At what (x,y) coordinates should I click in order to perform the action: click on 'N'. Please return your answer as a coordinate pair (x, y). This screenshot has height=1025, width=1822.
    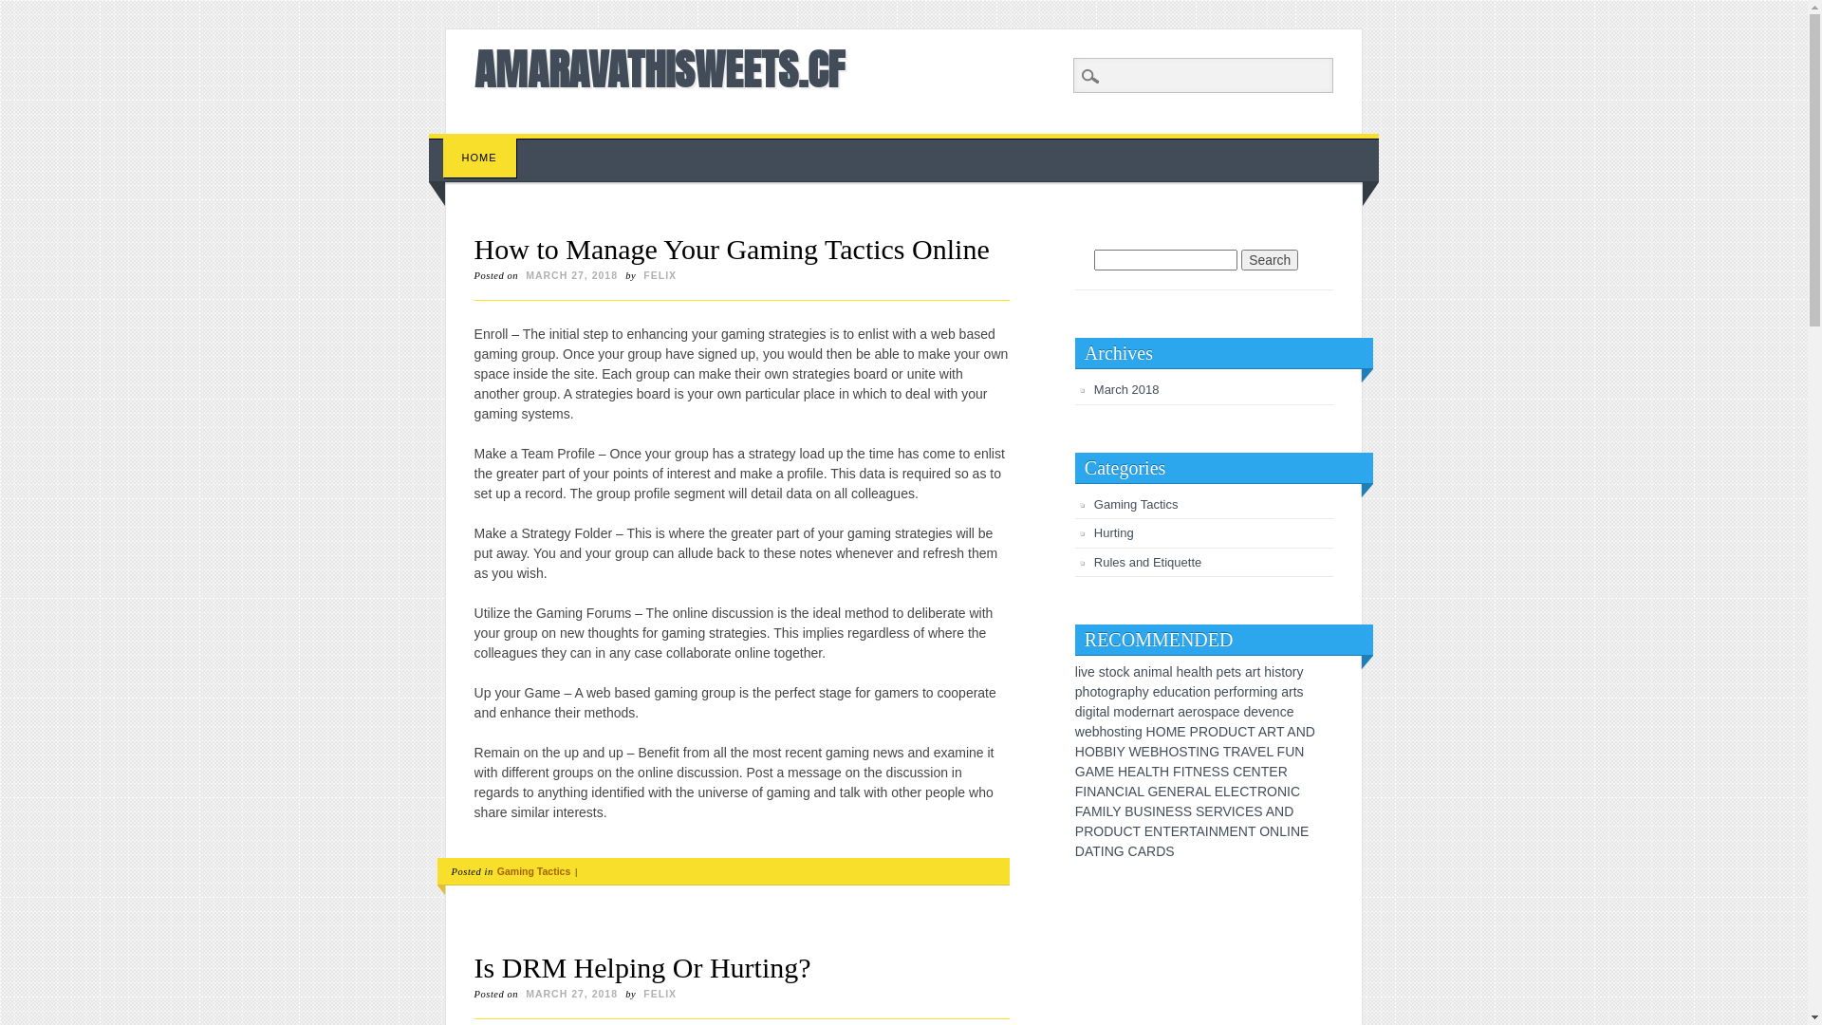
    Looking at the image, I should click on (1293, 829).